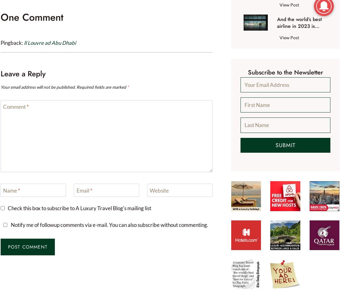  I want to click on 'Required fields are marked', so click(101, 87).